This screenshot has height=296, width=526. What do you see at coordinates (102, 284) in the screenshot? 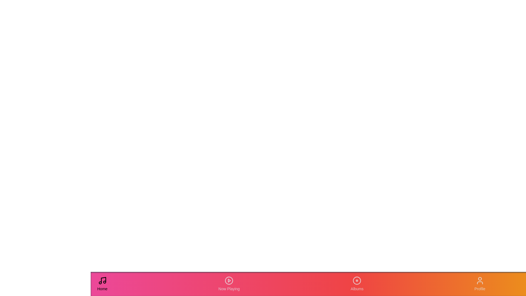
I see `the 'Home' tab in the navigation bar` at bounding box center [102, 284].